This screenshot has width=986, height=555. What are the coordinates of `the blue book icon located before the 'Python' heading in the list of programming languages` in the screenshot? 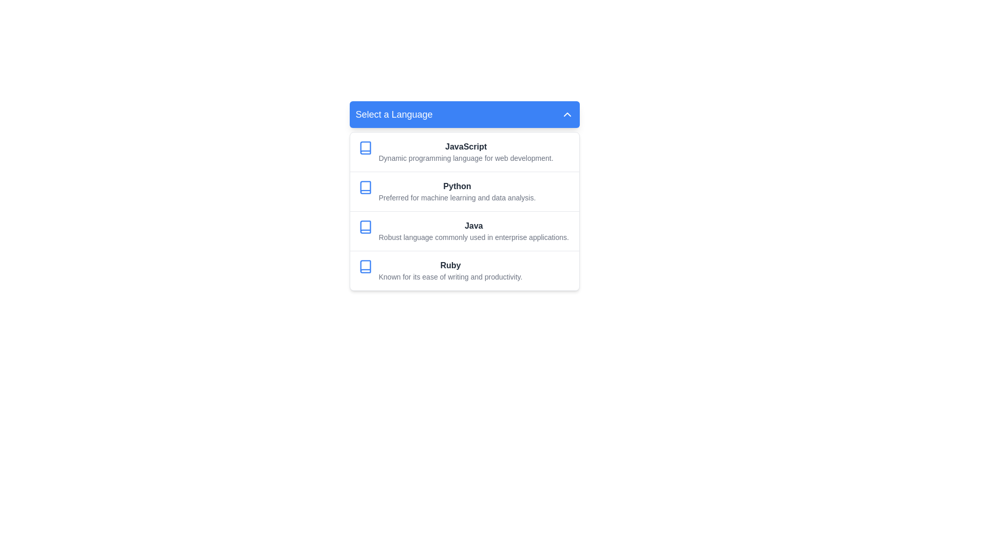 It's located at (365, 188).